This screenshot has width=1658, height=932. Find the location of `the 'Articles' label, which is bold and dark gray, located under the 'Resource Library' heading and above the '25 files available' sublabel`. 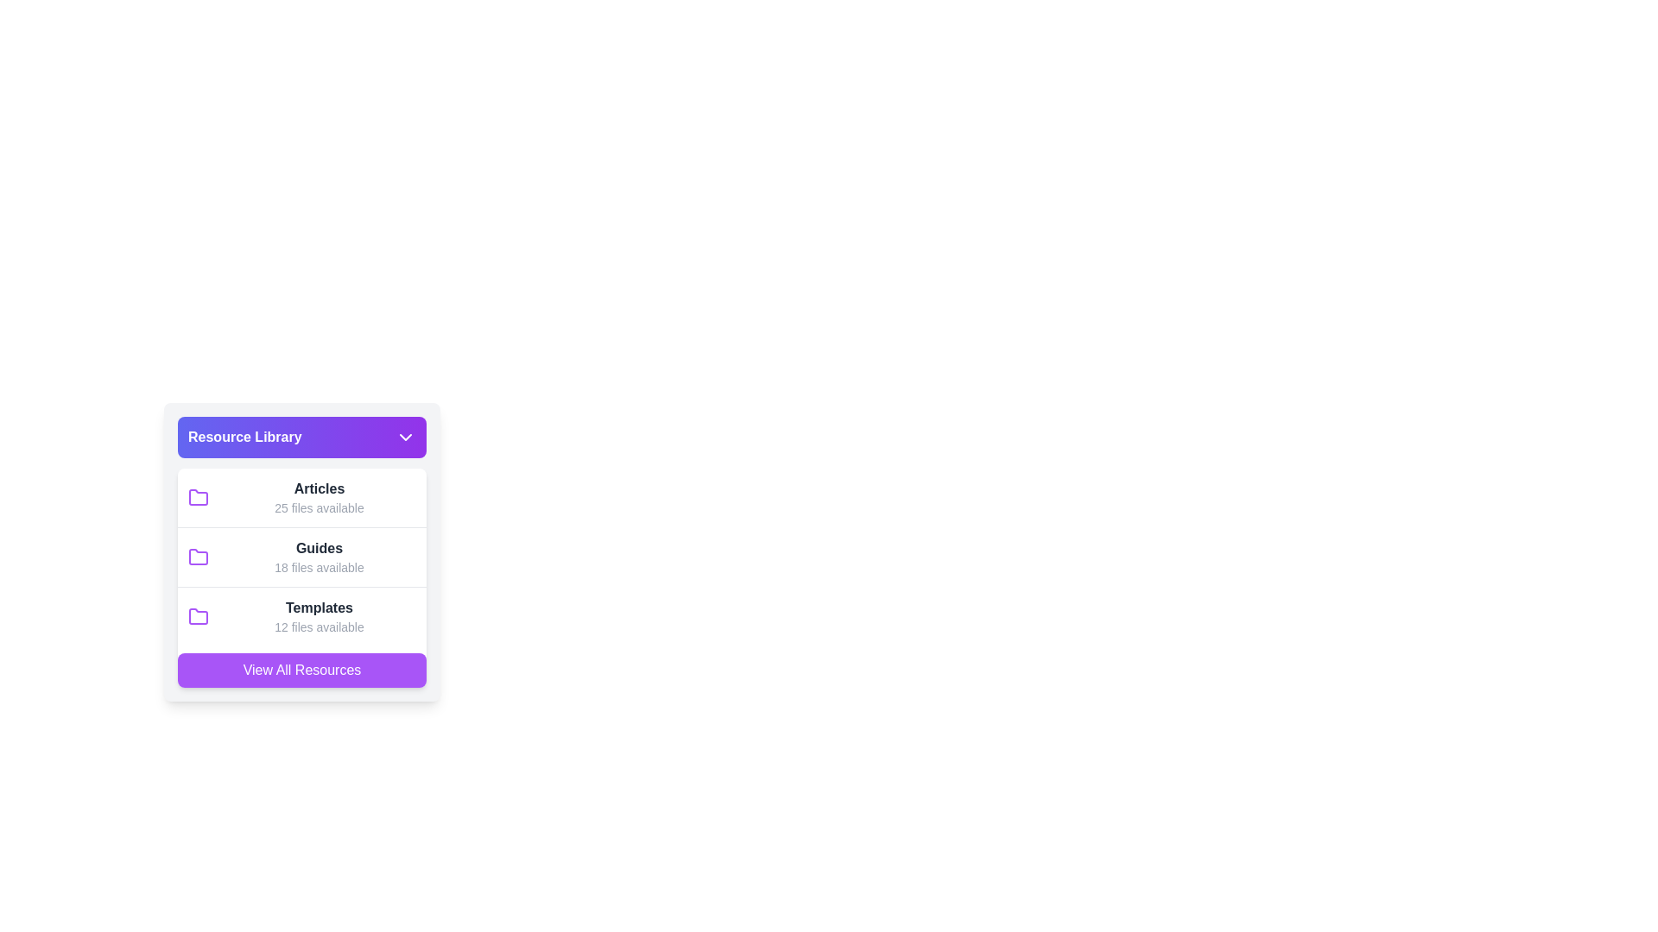

the 'Articles' label, which is bold and dark gray, located under the 'Resource Library' heading and above the '25 files available' sublabel is located at coordinates (319, 489).